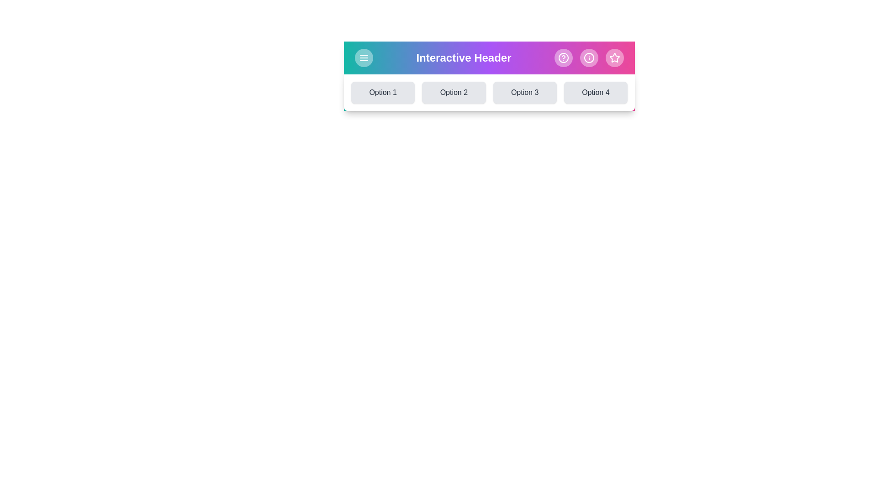 The image size is (877, 493). Describe the element at coordinates (563, 58) in the screenshot. I see `the Help icon located in the navigation bar` at that location.